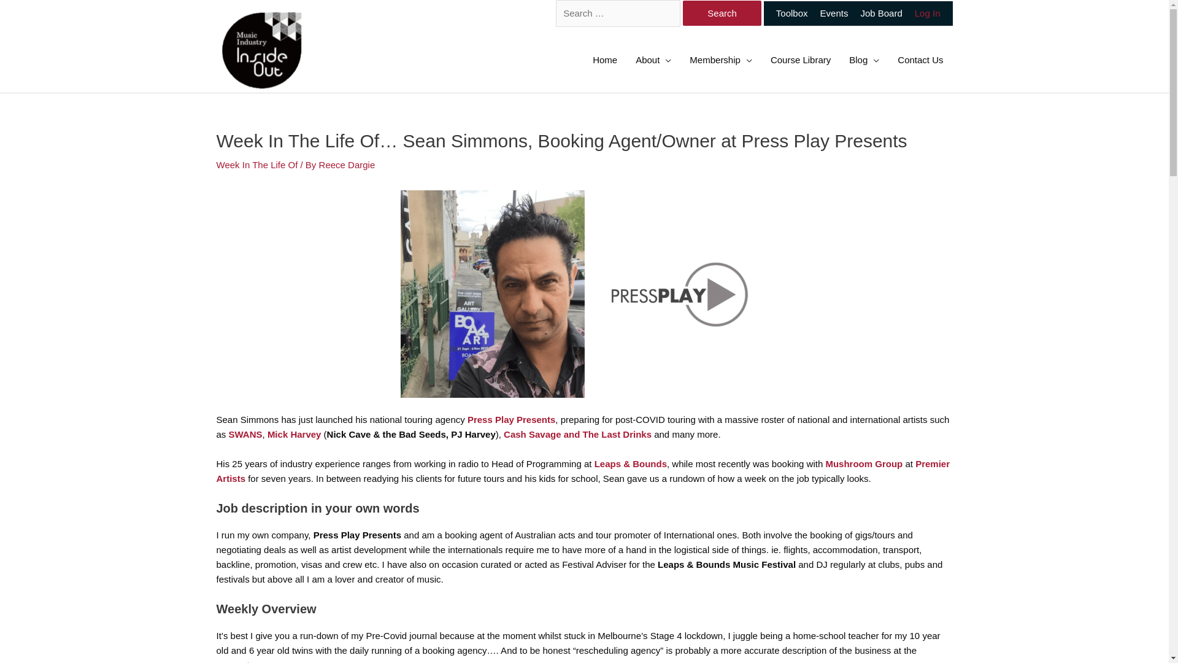 The image size is (1178, 663). What do you see at coordinates (582, 60) in the screenshot?
I see `'Home'` at bounding box center [582, 60].